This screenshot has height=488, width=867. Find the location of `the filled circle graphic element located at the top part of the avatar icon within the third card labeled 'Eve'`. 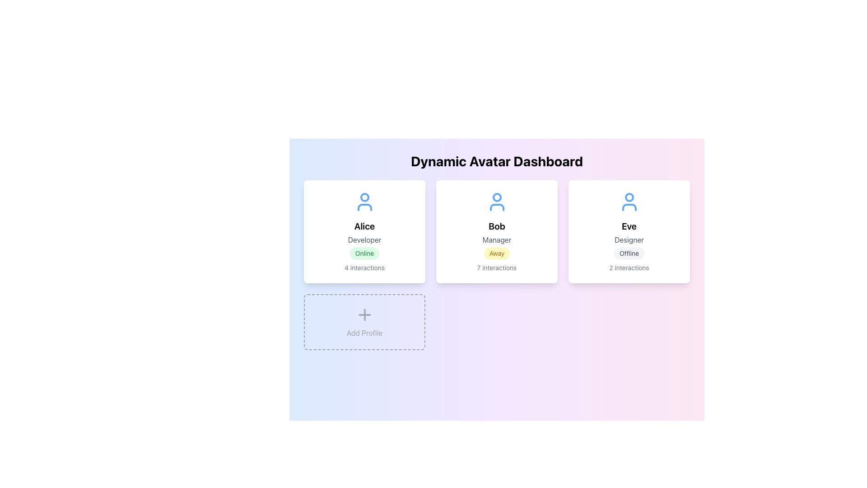

the filled circle graphic element located at the top part of the avatar icon within the third card labeled 'Eve' is located at coordinates (629, 197).